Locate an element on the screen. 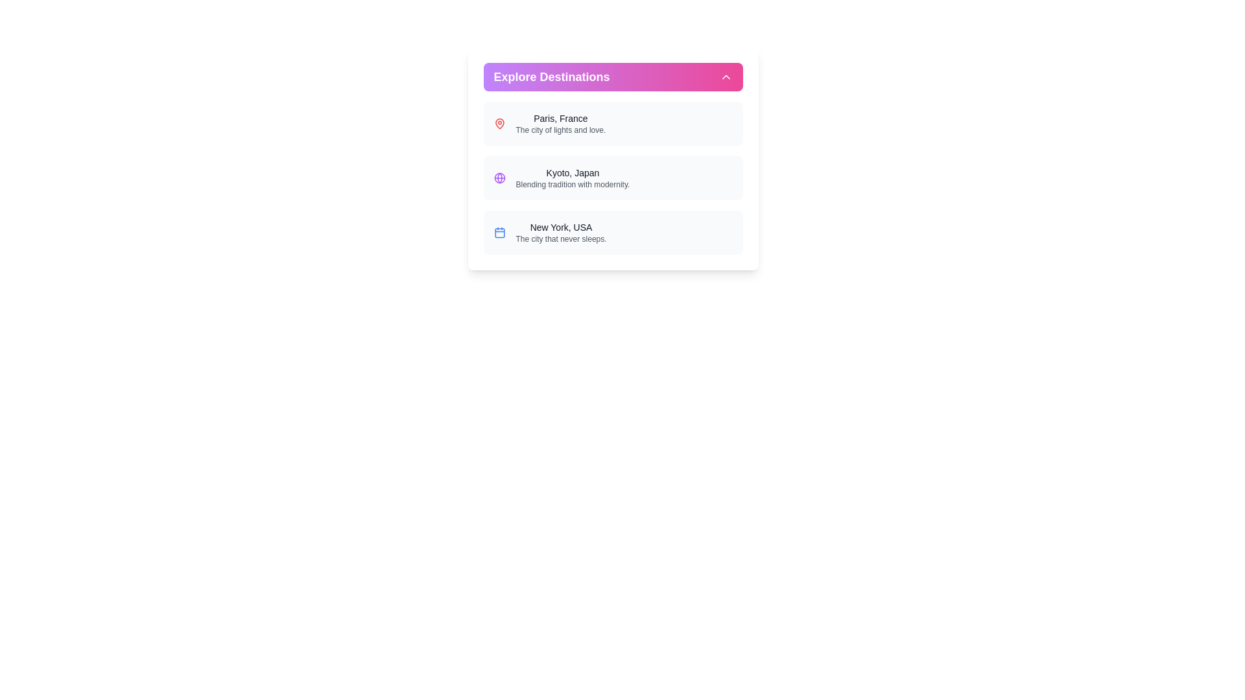 This screenshot has height=700, width=1245. the decorative vector graphic representing a location pin for 'Paris, France' in the 'Explore Destinations' section is located at coordinates (499, 124).